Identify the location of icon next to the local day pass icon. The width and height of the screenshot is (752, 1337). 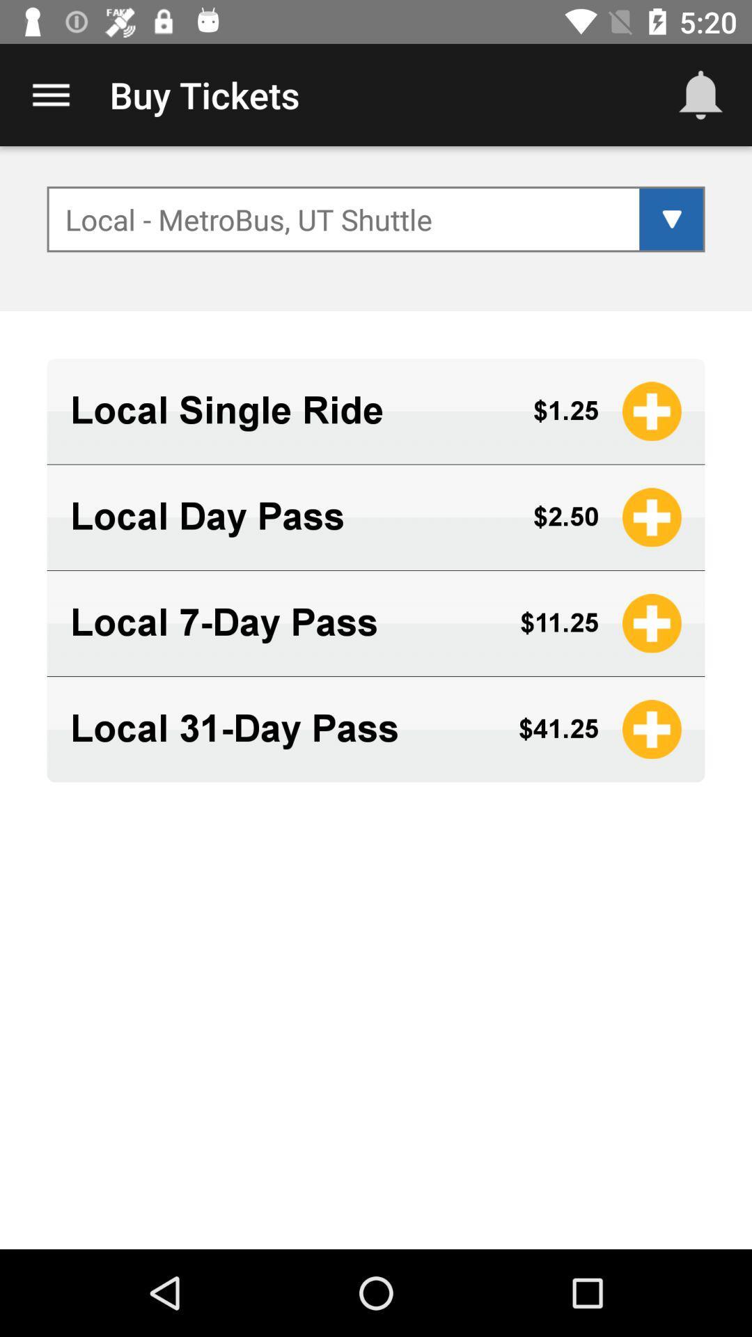
(566, 517).